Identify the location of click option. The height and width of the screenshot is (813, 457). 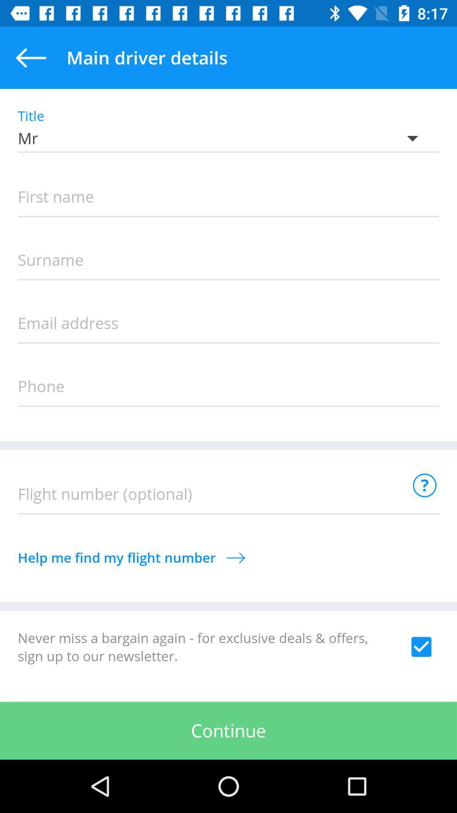
(421, 646).